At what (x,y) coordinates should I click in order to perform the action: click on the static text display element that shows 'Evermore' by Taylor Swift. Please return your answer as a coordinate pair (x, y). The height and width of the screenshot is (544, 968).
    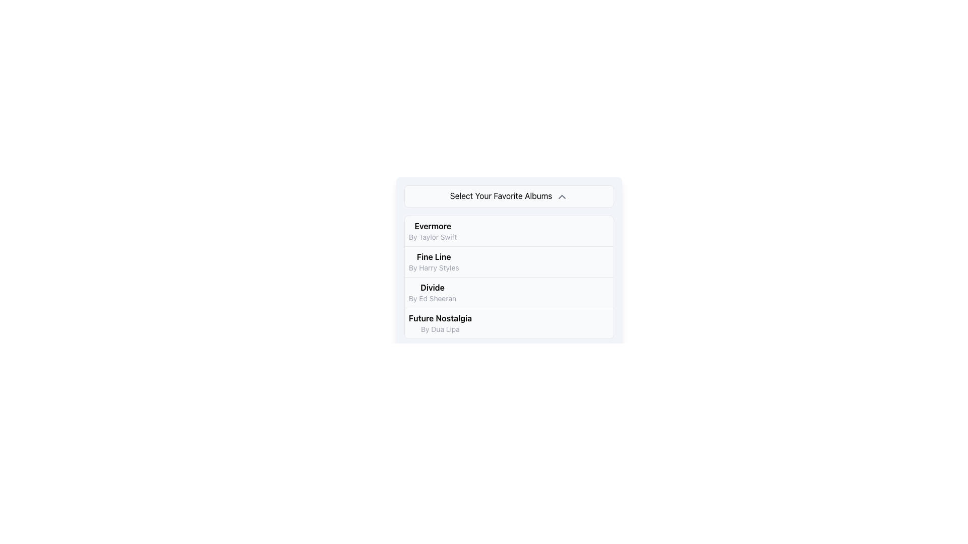
    Looking at the image, I should click on (433, 231).